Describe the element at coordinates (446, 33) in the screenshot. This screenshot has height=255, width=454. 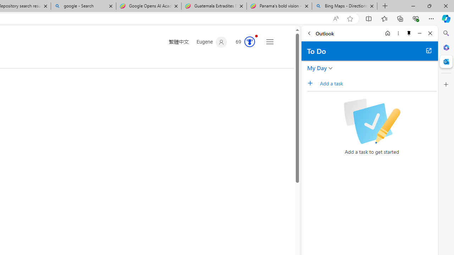
I see `'Search'` at that location.